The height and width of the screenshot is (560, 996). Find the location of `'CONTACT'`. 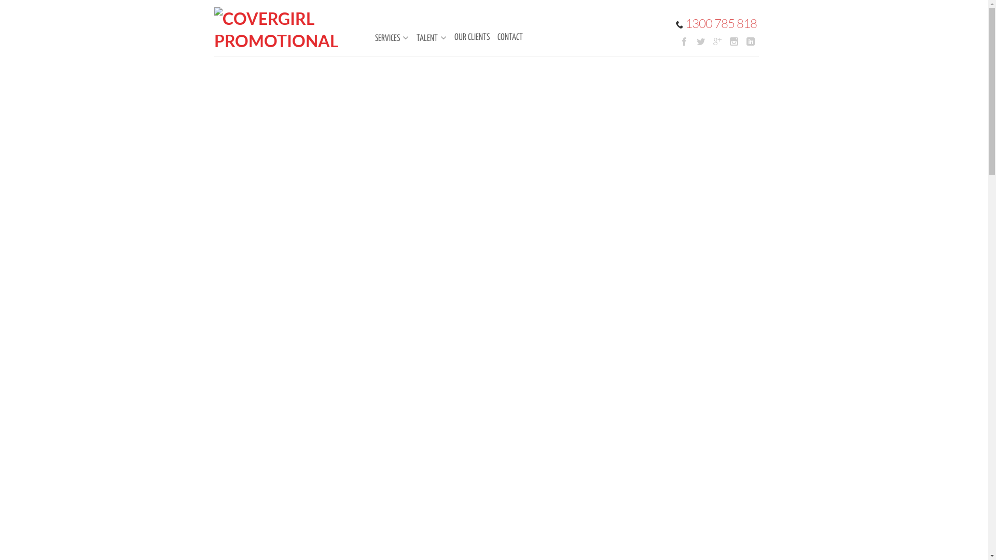

'CONTACT' is located at coordinates (486, 37).